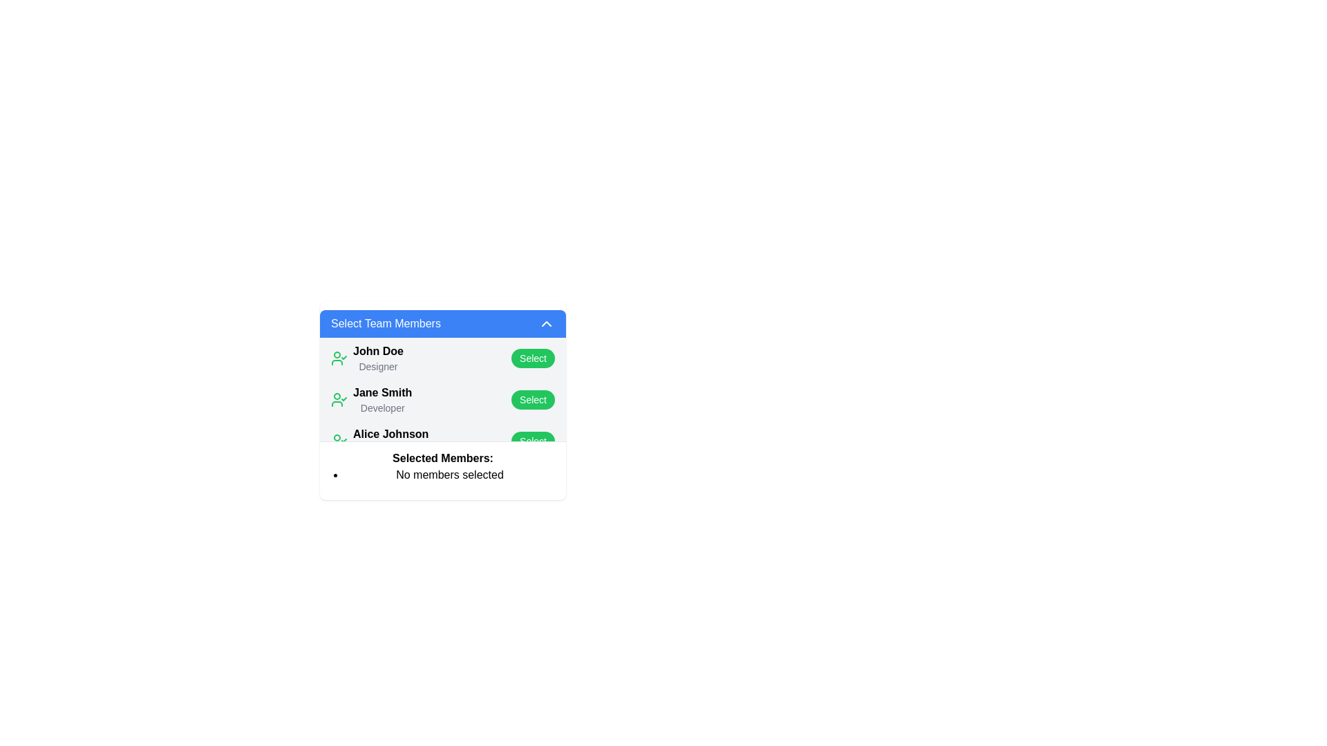 The height and width of the screenshot is (746, 1327). Describe the element at coordinates (450, 474) in the screenshot. I see `text displayed in the 'Selected Members' section indicating that no members have been selected` at that location.